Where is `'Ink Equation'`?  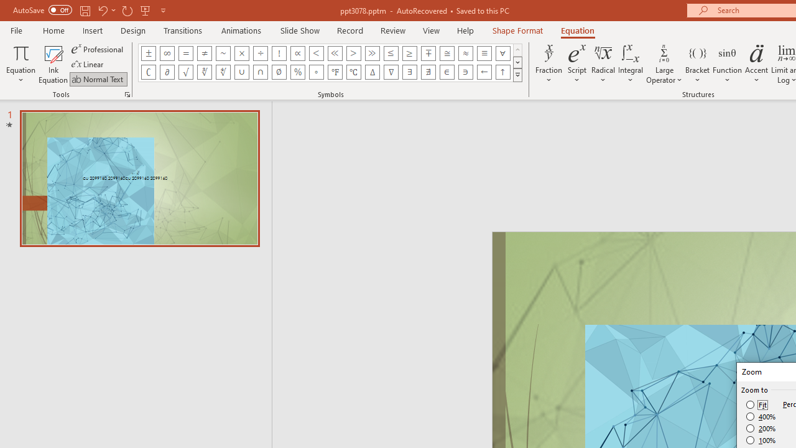 'Ink Equation' is located at coordinates (53, 64).